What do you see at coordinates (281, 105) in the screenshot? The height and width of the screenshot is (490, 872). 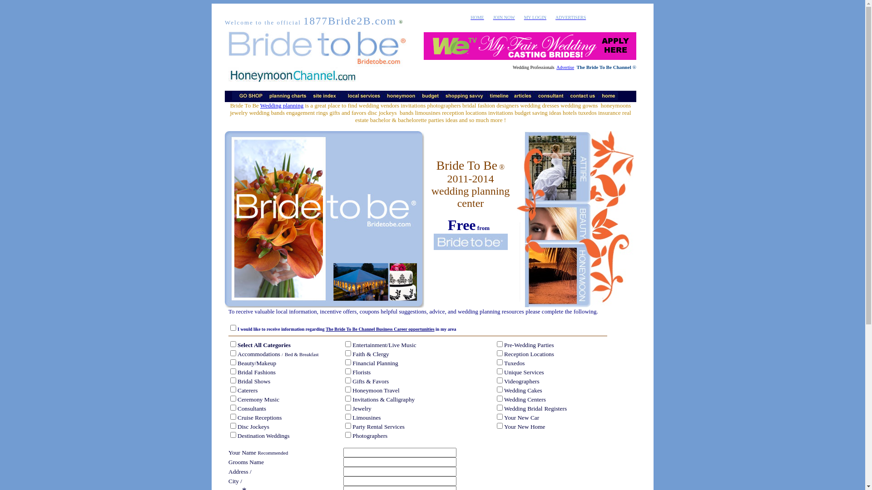 I see `'Wedding planning'` at bounding box center [281, 105].